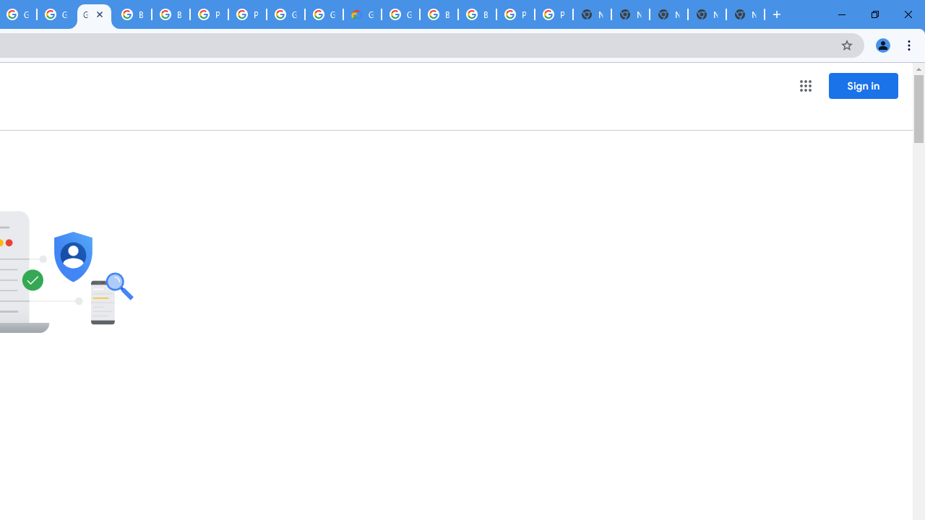  Describe the element at coordinates (132, 14) in the screenshot. I see `'Browse Chrome as a guest - Computer - Google Chrome Help'` at that location.